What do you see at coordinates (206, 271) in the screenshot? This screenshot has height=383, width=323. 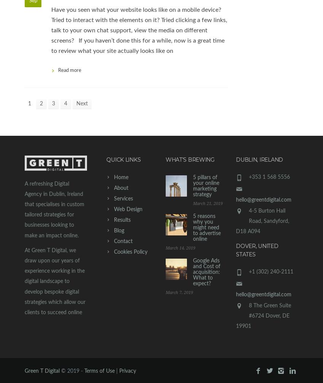 I see `'​Google Ads and Cost of acquisition: What to expect?'` at bounding box center [206, 271].